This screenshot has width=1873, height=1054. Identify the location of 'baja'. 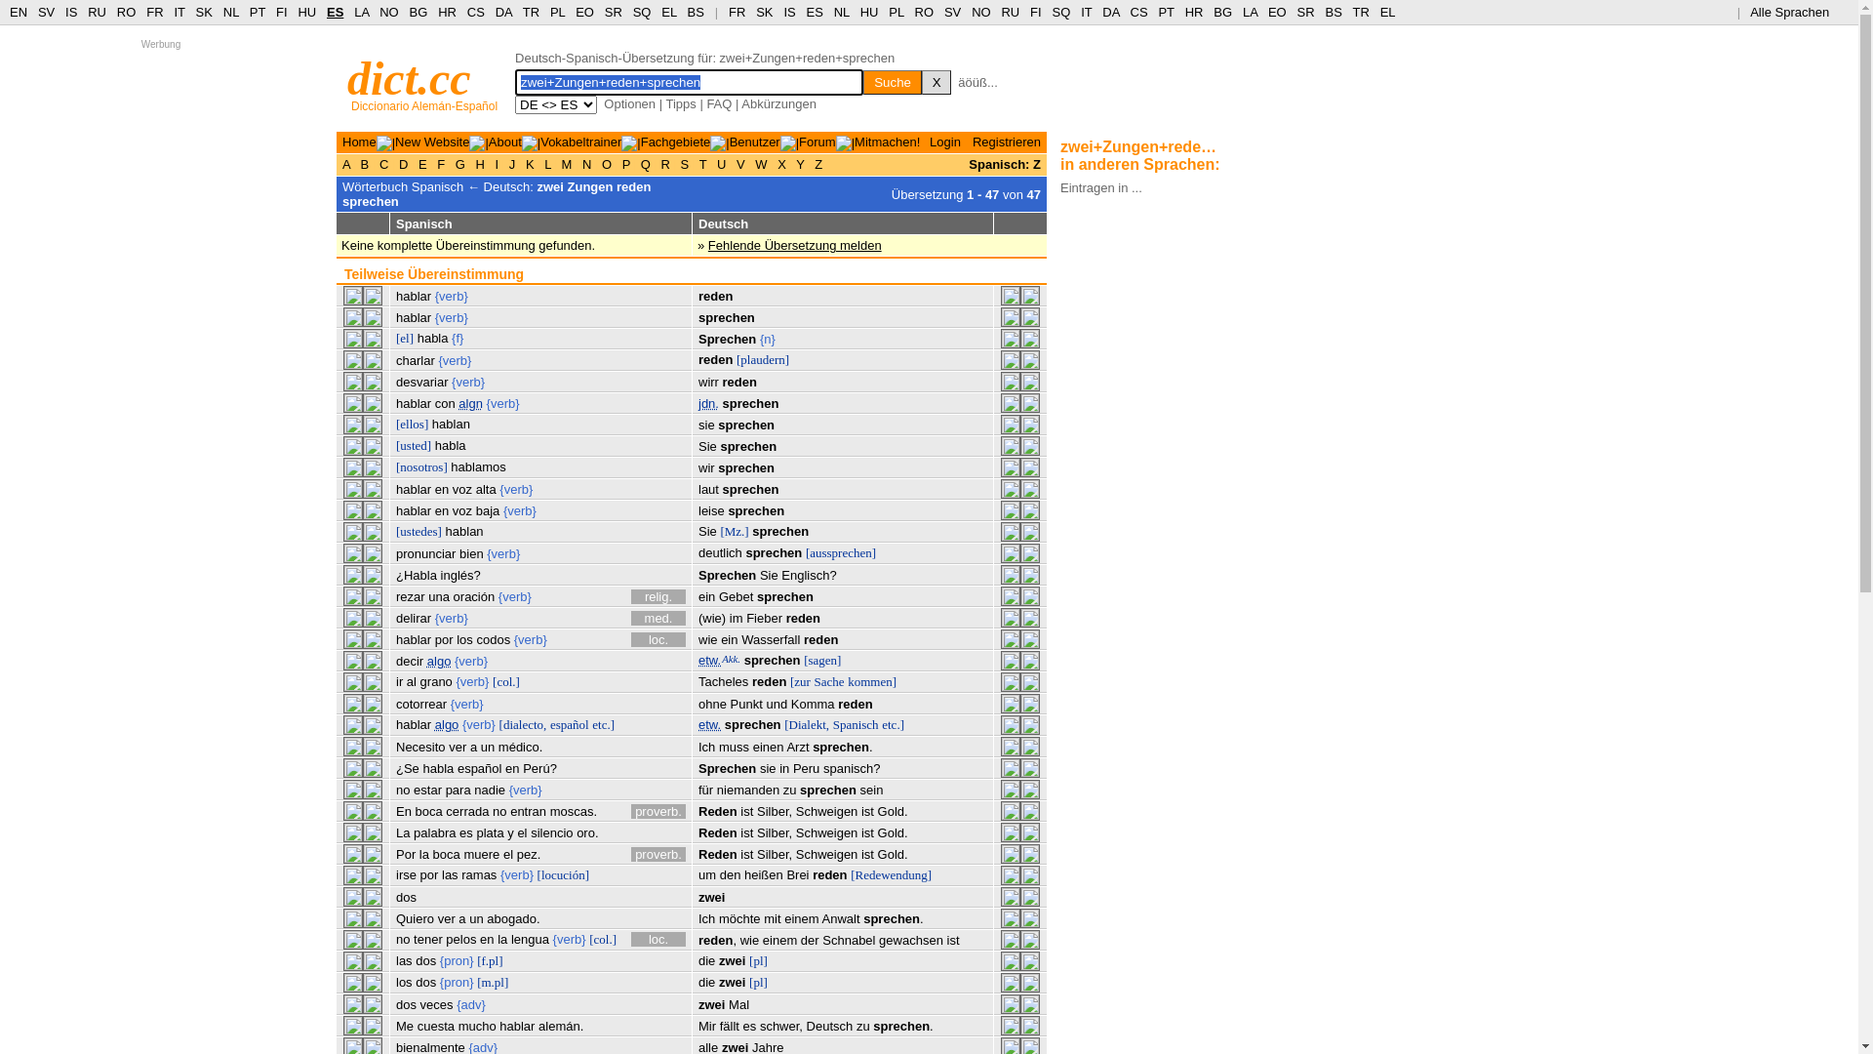
(476, 509).